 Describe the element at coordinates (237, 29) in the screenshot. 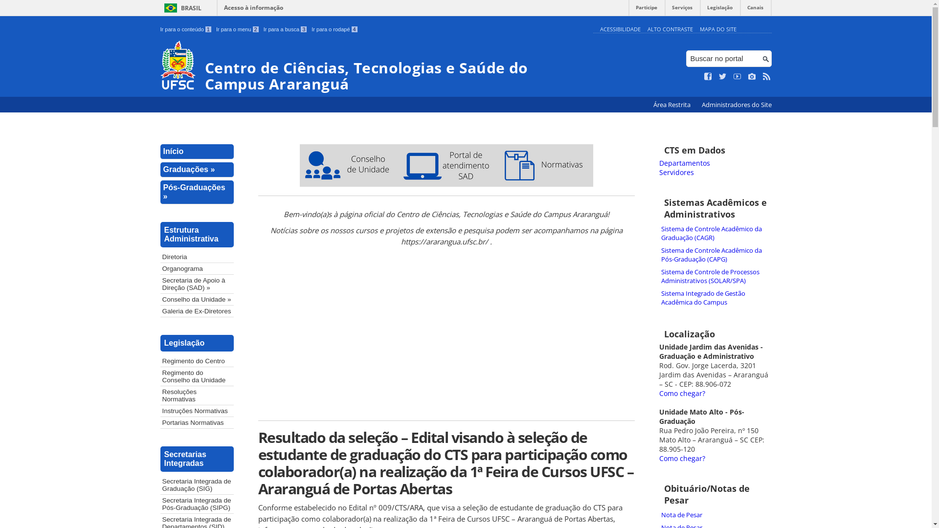

I see `'Ir para o menu 2'` at that location.